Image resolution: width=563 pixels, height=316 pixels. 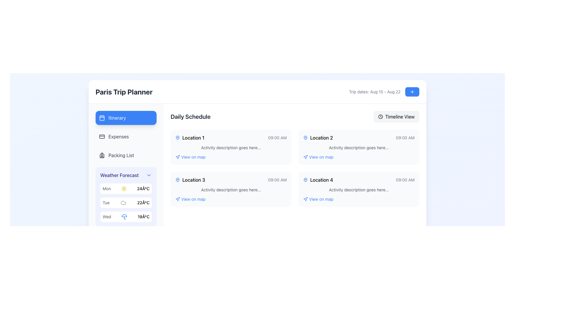 What do you see at coordinates (321, 157) in the screenshot?
I see `the hyperlink located directly below the title and description of 'Location 2'` at bounding box center [321, 157].